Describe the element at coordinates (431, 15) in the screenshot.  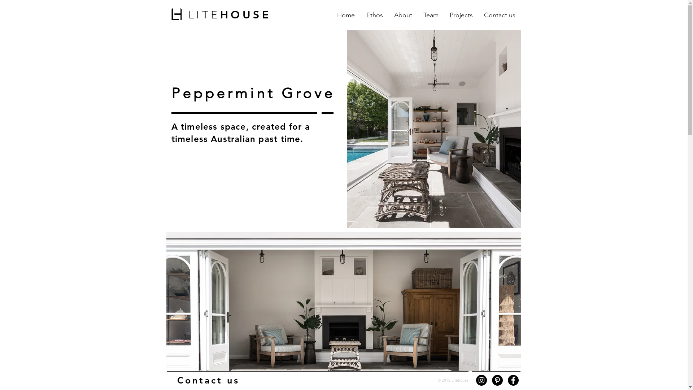
I see `'Team'` at that location.